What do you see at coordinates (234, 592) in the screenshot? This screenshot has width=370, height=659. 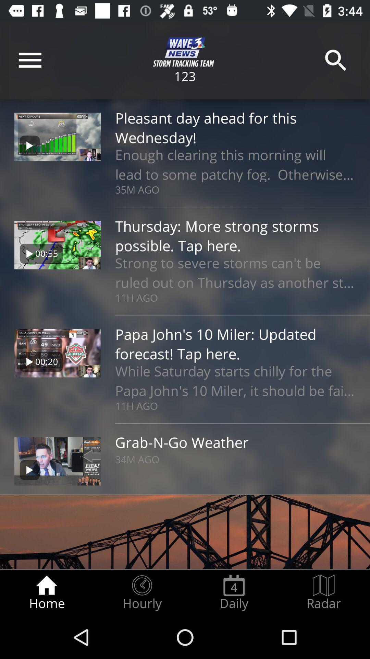 I see `daily icon` at bounding box center [234, 592].